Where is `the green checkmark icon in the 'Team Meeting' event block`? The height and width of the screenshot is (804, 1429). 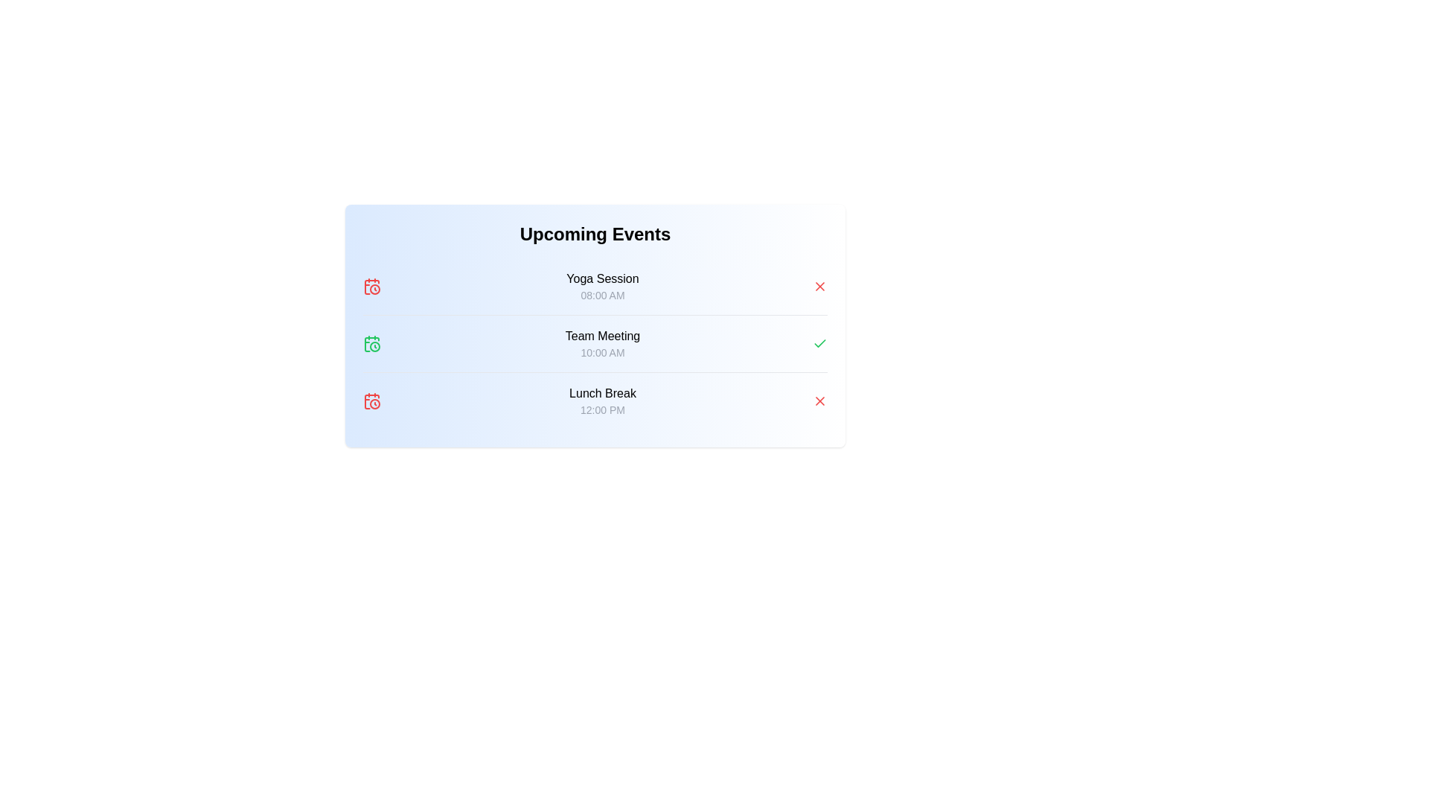
the green checkmark icon in the 'Team Meeting' event block is located at coordinates (595, 343).